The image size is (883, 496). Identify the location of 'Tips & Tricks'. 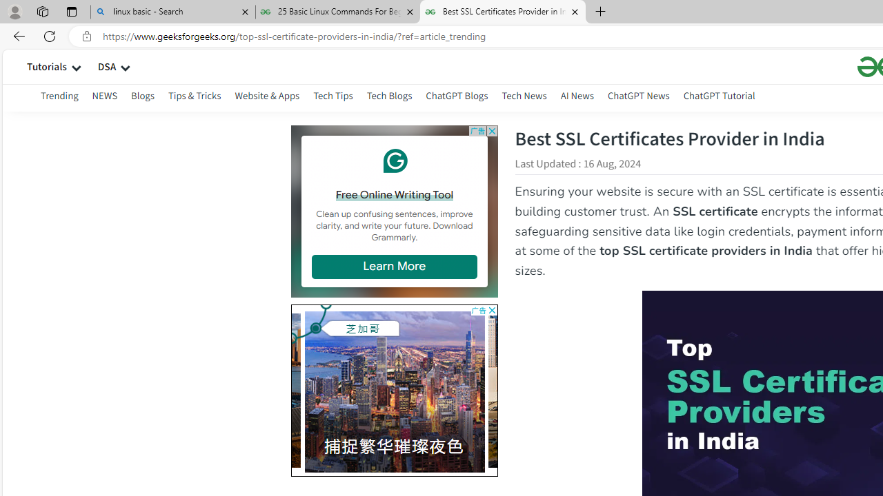
(194, 95).